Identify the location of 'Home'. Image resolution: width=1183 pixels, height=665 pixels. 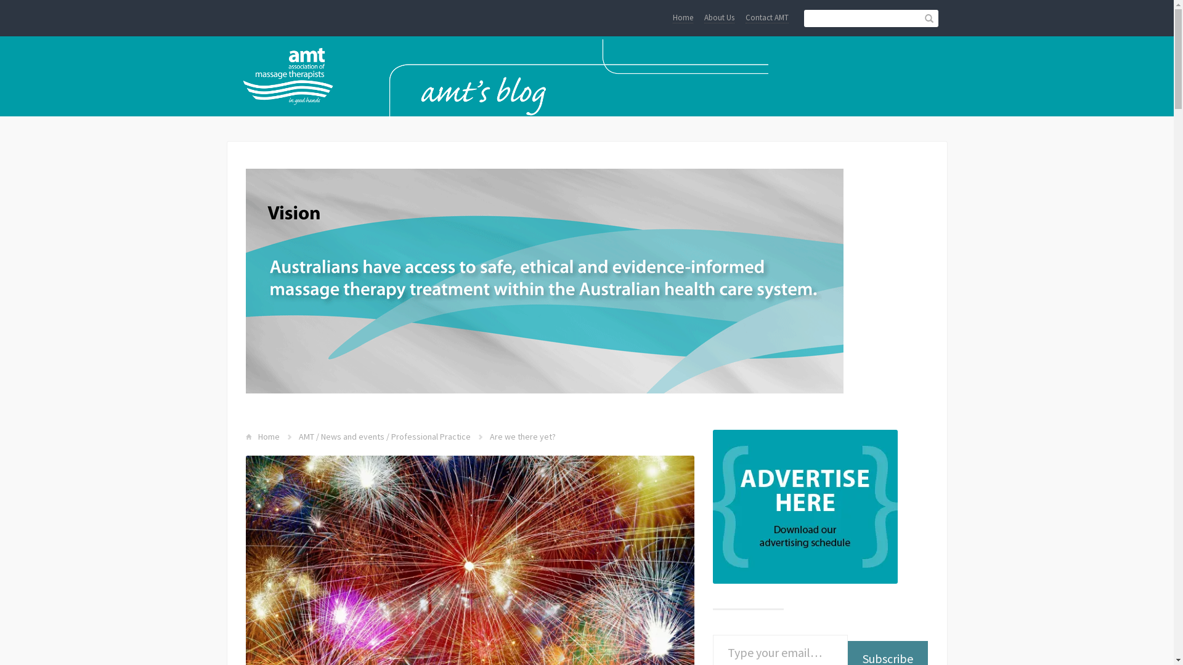
(682, 18).